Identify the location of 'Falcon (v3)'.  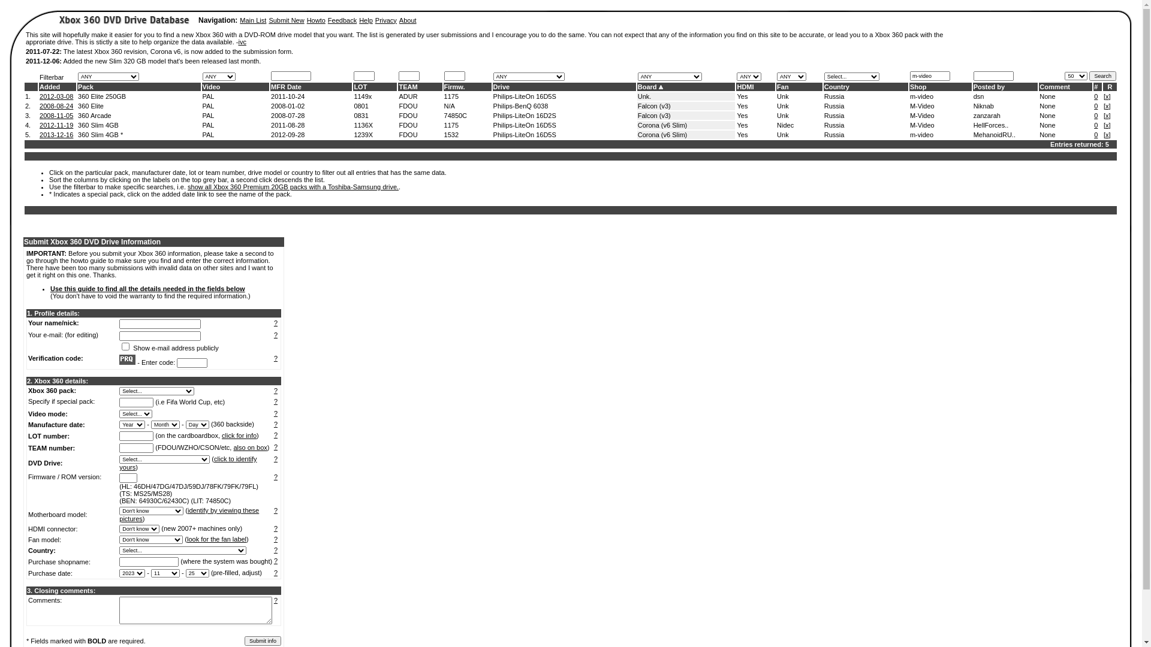
(637, 105).